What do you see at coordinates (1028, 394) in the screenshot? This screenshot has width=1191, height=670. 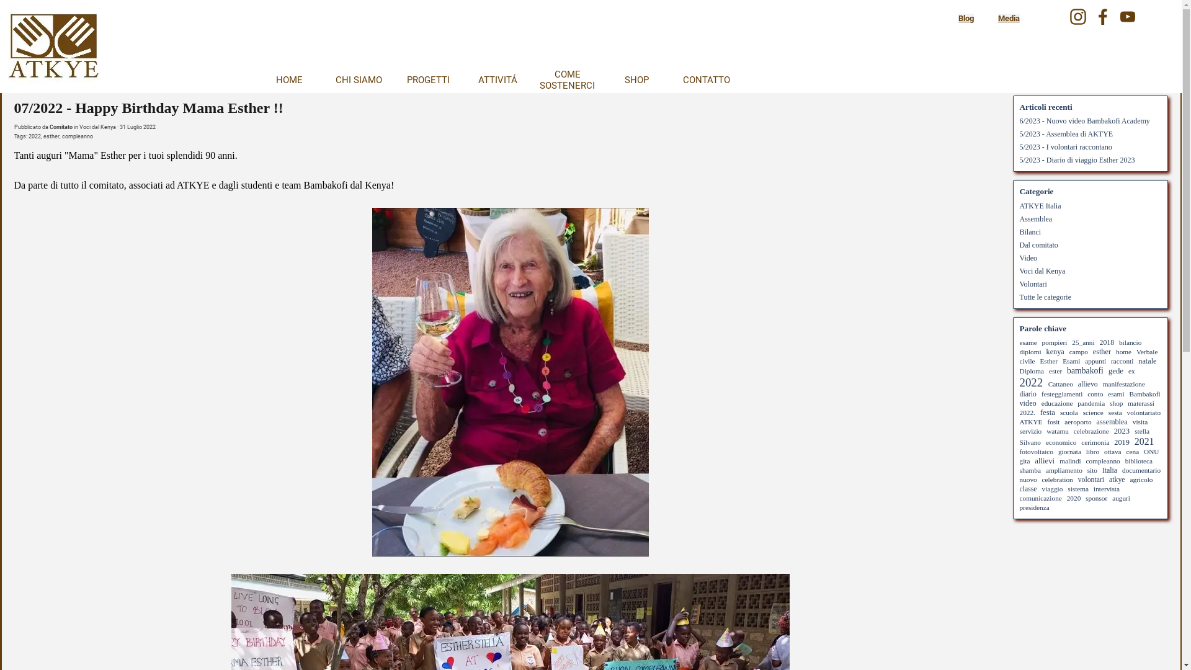 I see `'diario'` at bounding box center [1028, 394].